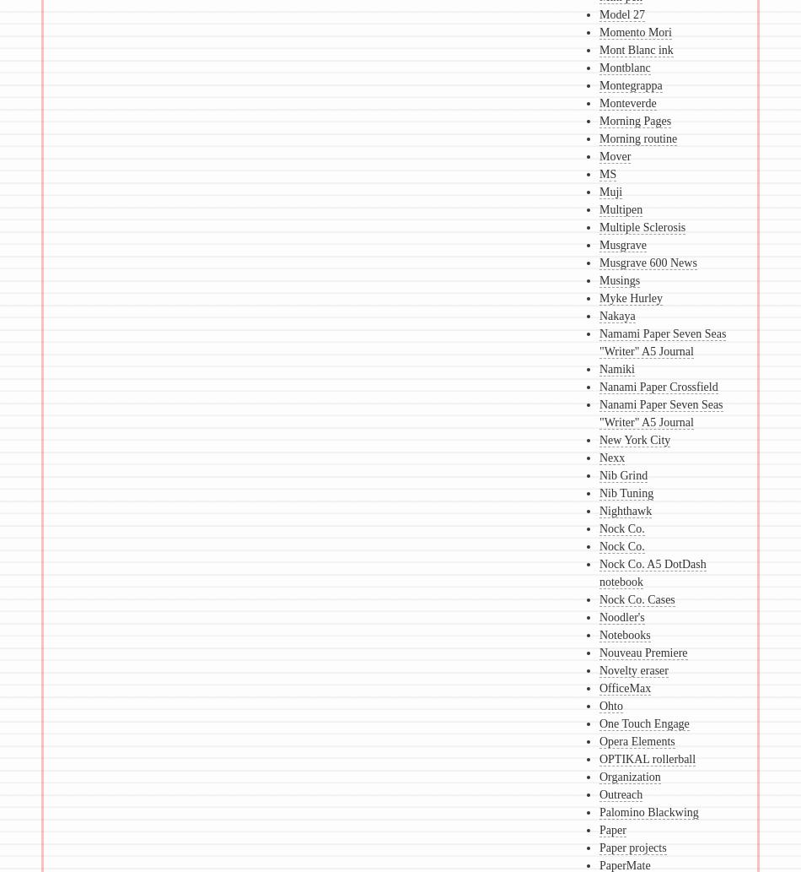 This screenshot has height=872, width=801. What do you see at coordinates (633, 121) in the screenshot?
I see `'Morning Pages'` at bounding box center [633, 121].